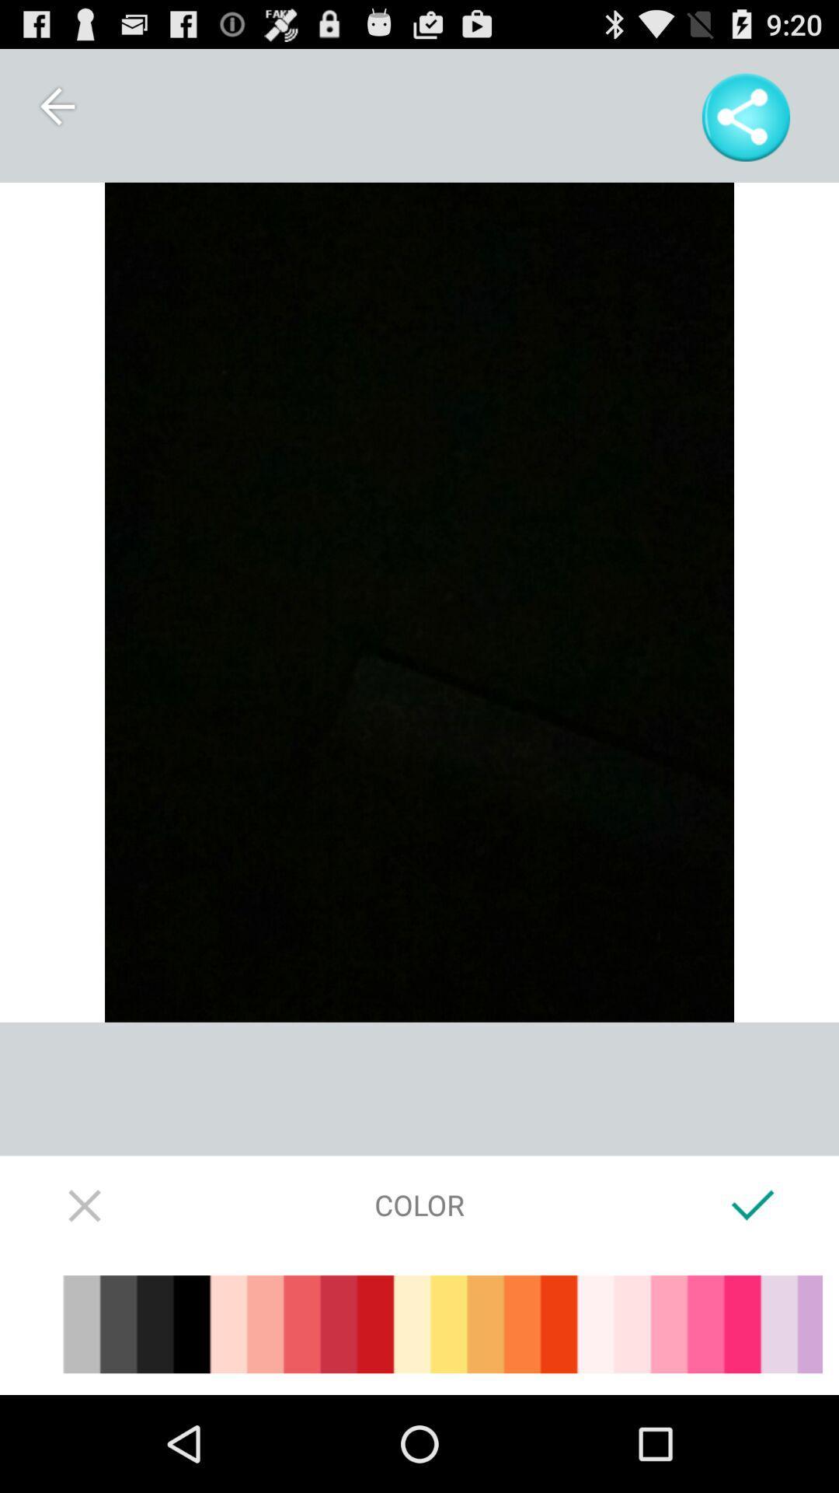 The image size is (839, 1493). Describe the element at coordinates (752, 1204) in the screenshot. I see `icon next to the color` at that location.